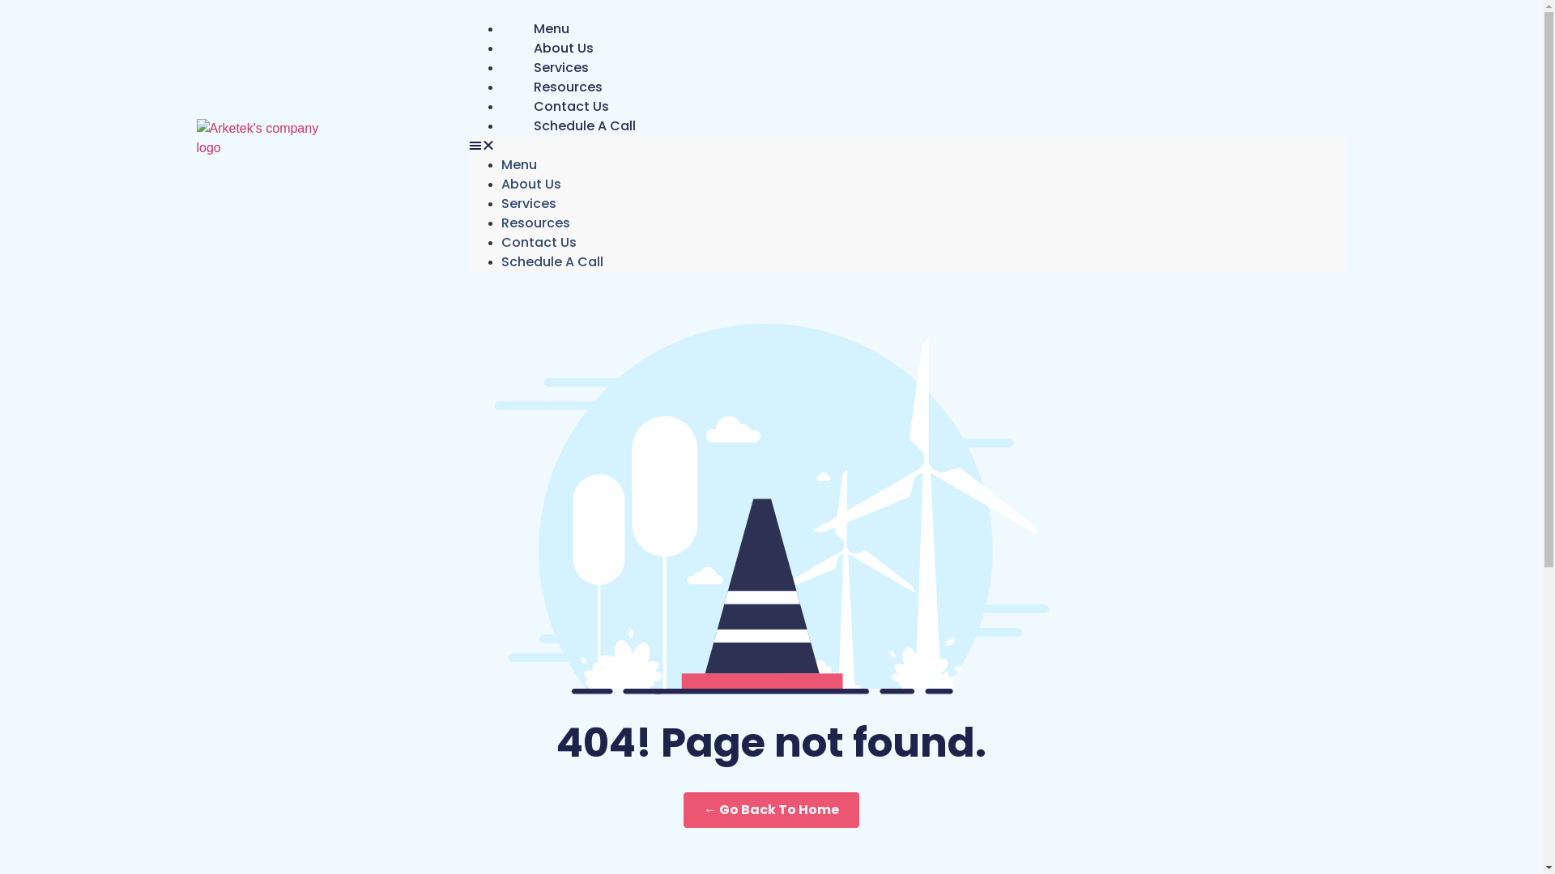 The width and height of the screenshot is (1555, 874). Describe the element at coordinates (564, 47) in the screenshot. I see `'About Us'` at that location.